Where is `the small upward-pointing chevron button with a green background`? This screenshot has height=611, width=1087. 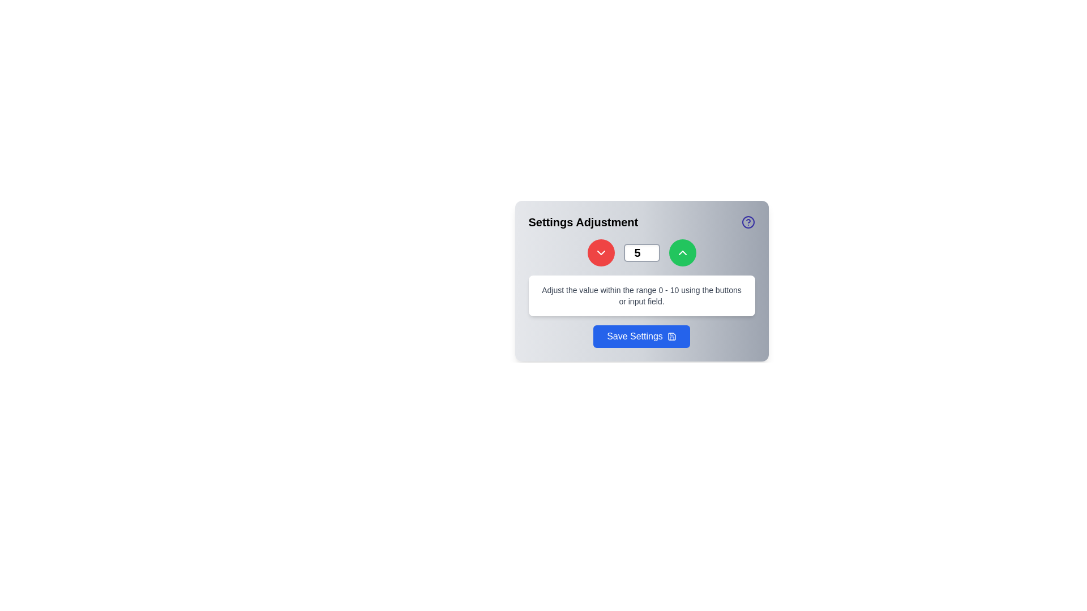 the small upward-pointing chevron button with a green background is located at coordinates (682, 252).